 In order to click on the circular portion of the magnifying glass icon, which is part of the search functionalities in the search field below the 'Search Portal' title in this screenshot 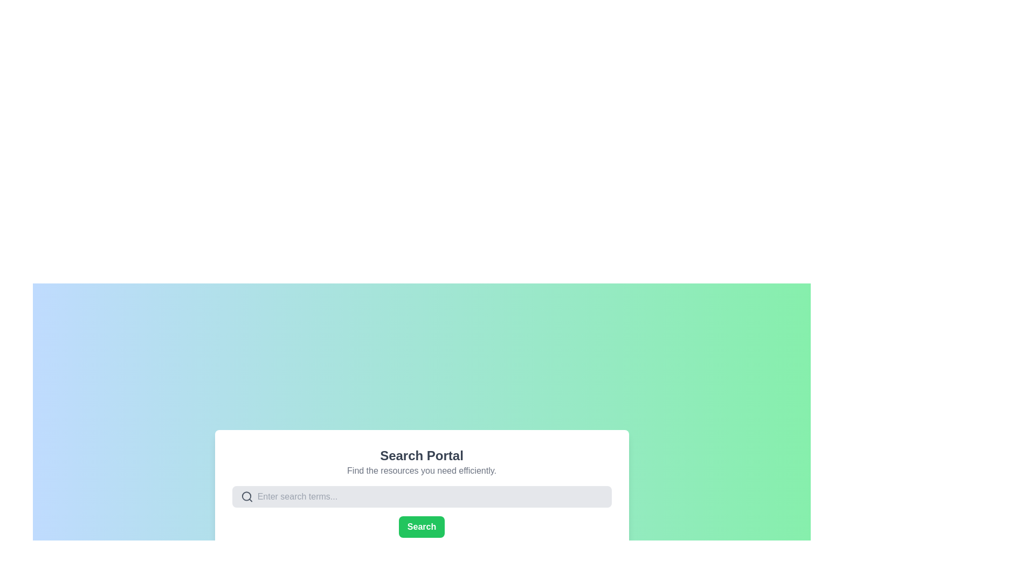, I will do `click(246, 496)`.